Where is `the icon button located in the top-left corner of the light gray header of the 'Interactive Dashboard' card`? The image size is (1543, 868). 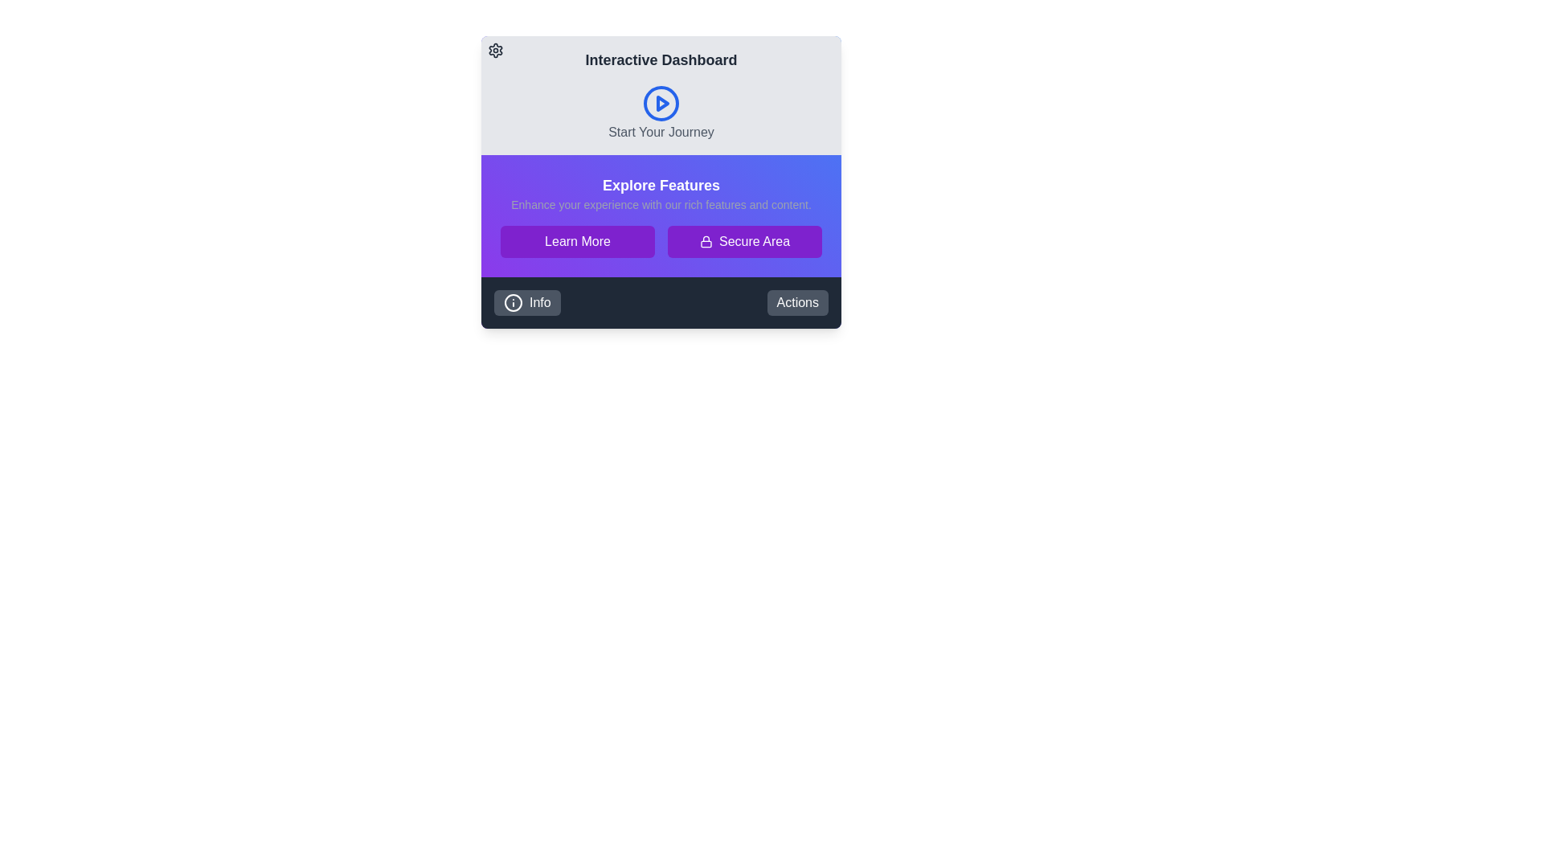 the icon button located in the top-left corner of the light gray header of the 'Interactive Dashboard' card is located at coordinates (495, 49).